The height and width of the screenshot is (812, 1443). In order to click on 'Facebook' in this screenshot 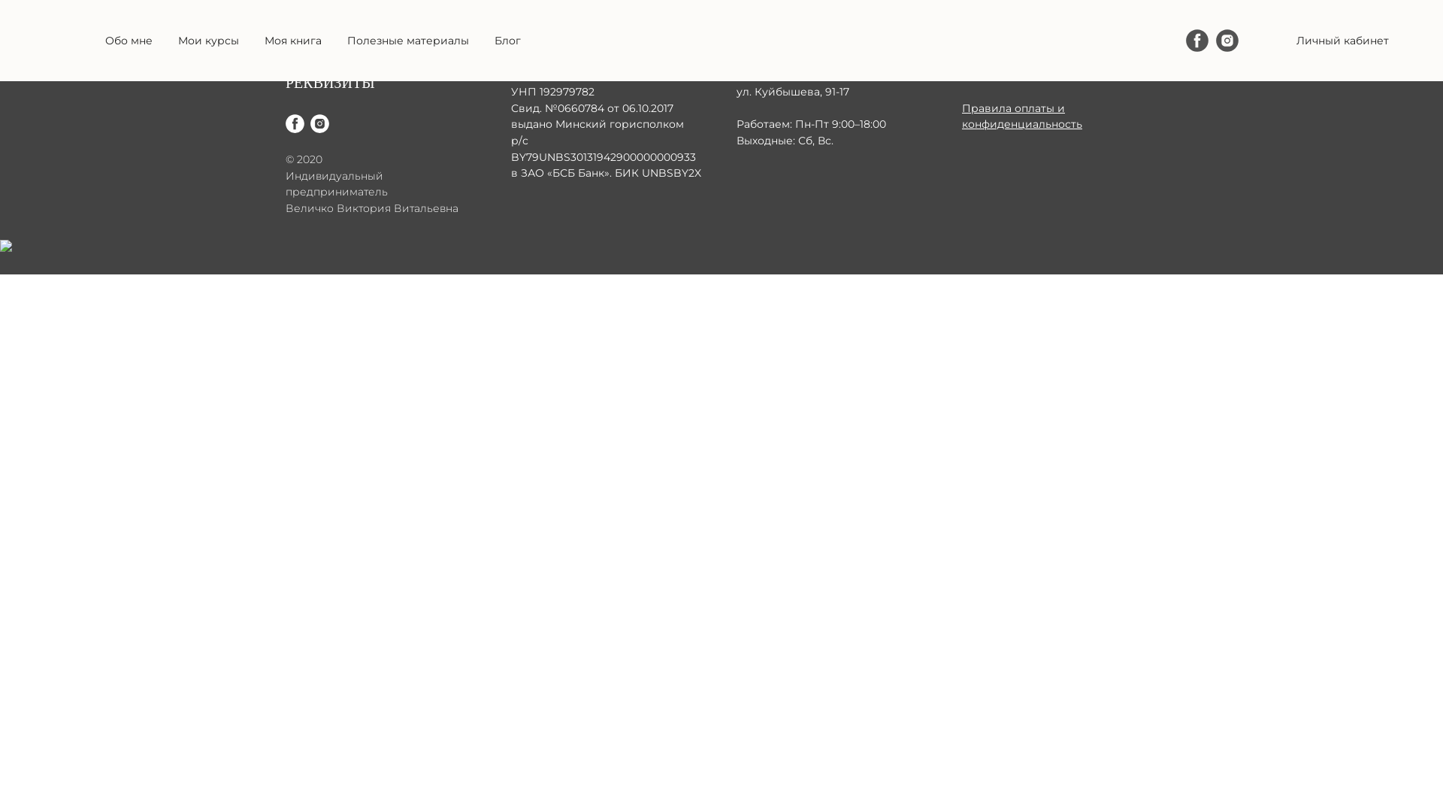, I will do `click(285, 128)`.